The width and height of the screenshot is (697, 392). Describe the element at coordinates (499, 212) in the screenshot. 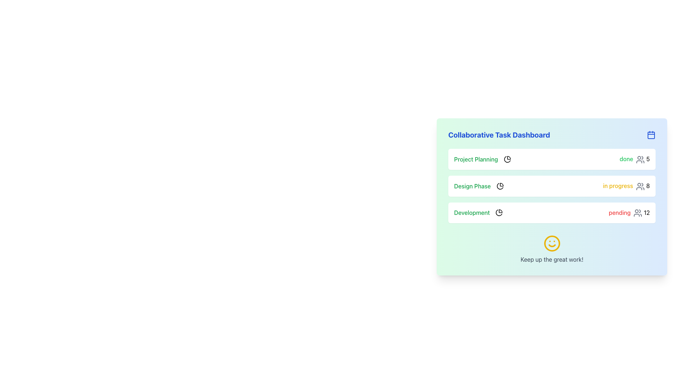

I see `the 'Development' task progress icon located to the right of the 'Development' text in the third row of the task list on the dashboard` at that location.